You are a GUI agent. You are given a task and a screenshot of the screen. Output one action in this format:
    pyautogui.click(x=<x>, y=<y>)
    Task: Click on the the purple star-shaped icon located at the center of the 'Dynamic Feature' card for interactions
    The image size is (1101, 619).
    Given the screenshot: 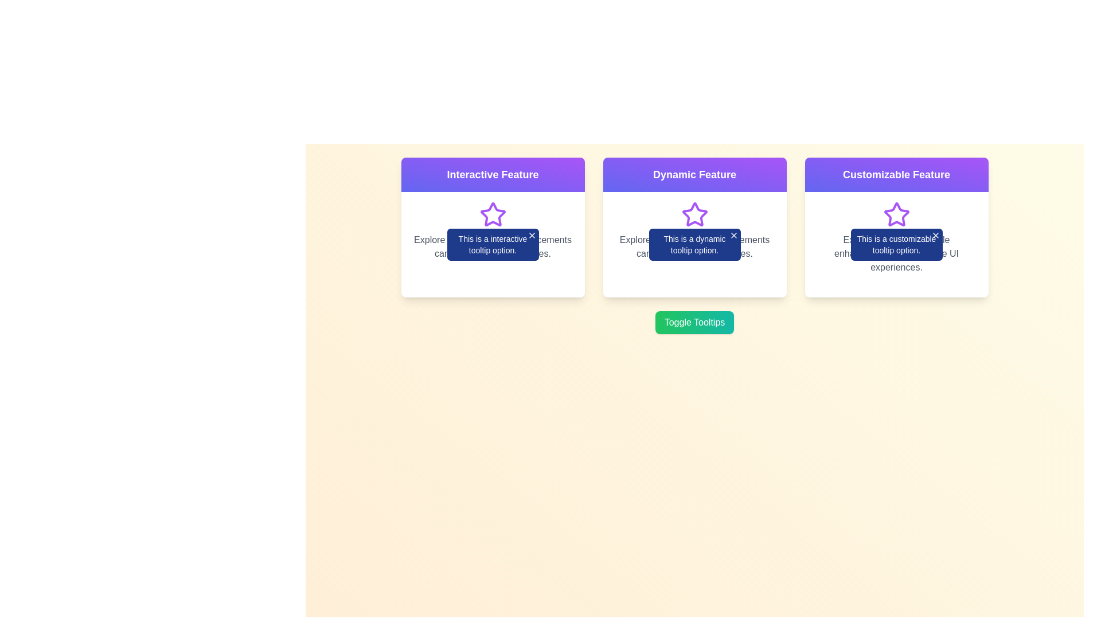 What is the action you would take?
    pyautogui.click(x=694, y=214)
    